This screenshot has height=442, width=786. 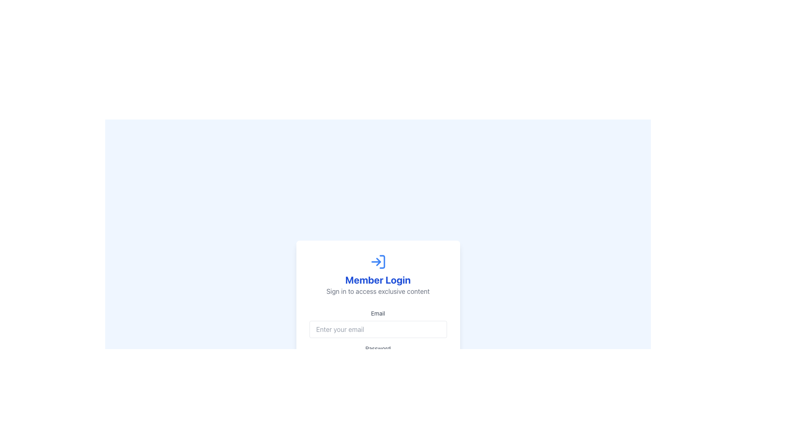 What do you see at coordinates (377, 262) in the screenshot?
I see `the blue rightward arrow SVG icon that is positioned above the 'Member Login' text in the login form interface` at bounding box center [377, 262].